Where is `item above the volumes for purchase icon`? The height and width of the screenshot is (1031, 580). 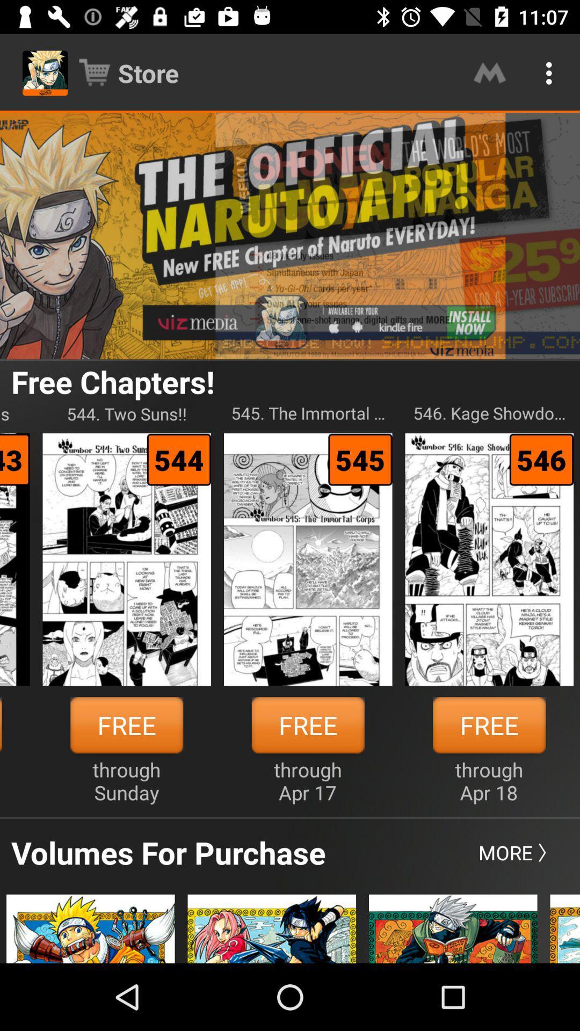 item above the volumes for purchase icon is located at coordinates (126, 781).